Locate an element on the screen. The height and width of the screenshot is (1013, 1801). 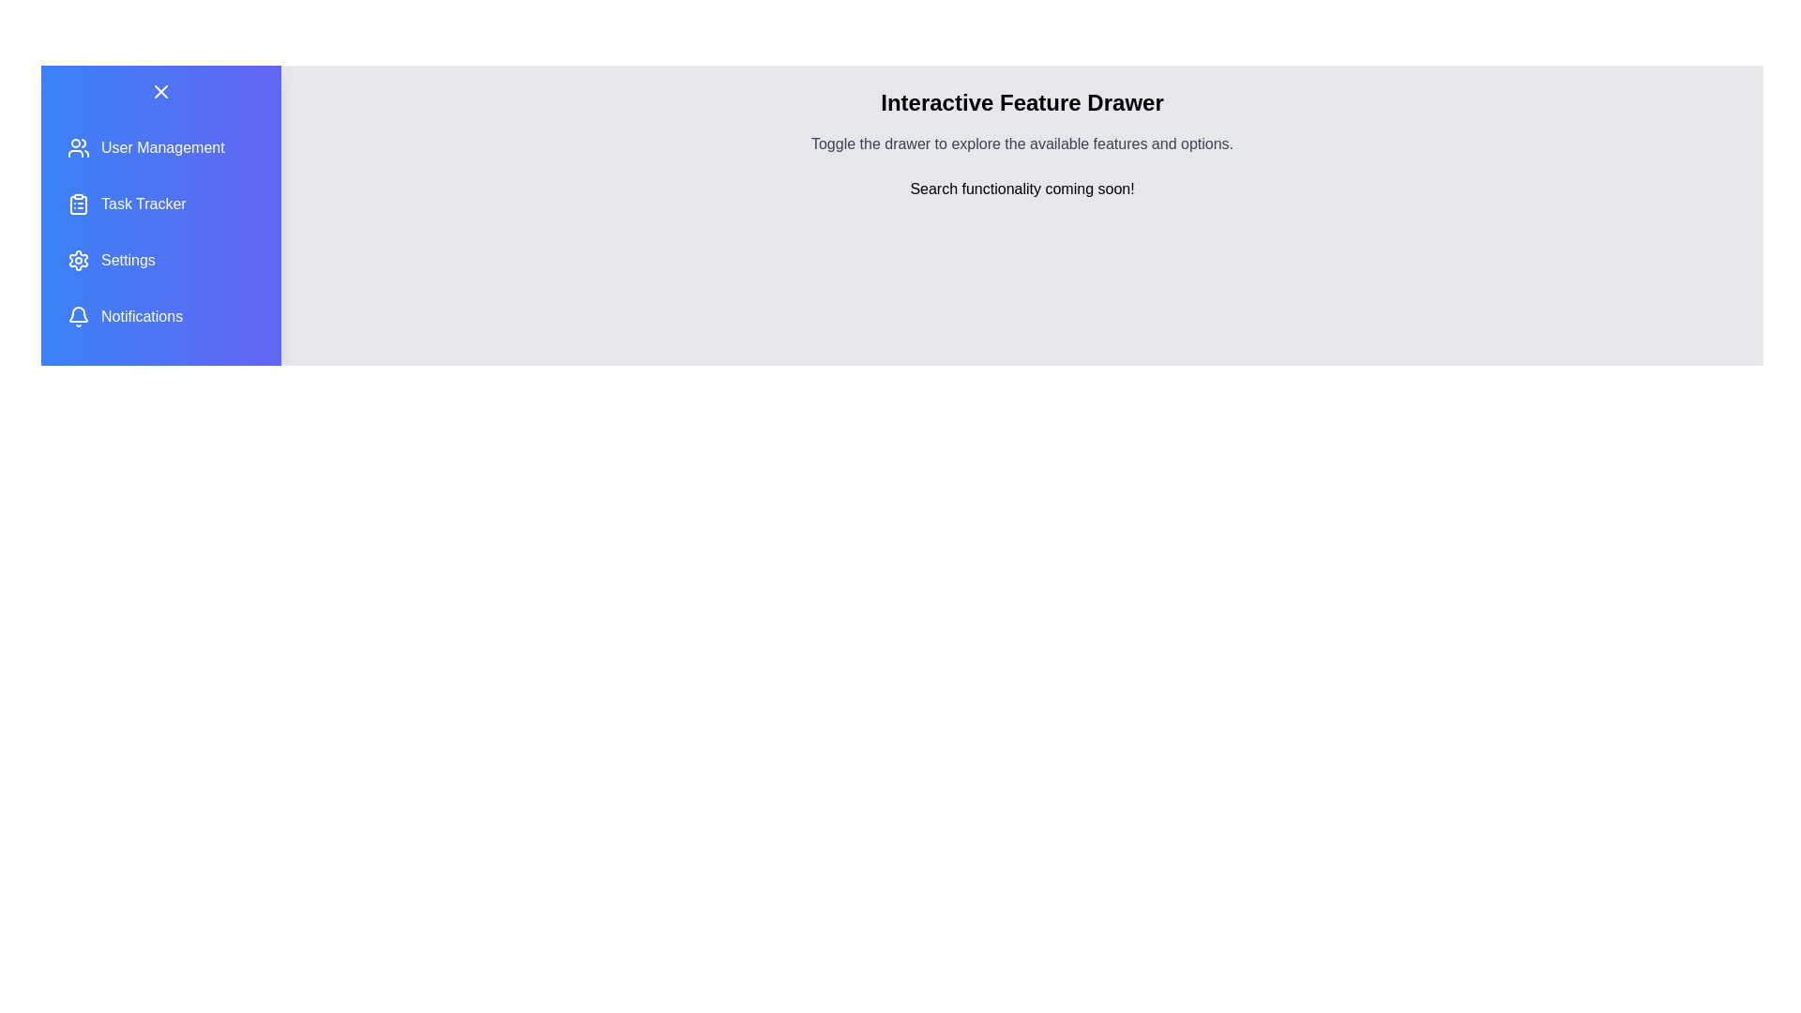
the feature Settings from the list is located at coordinates (161, 260).